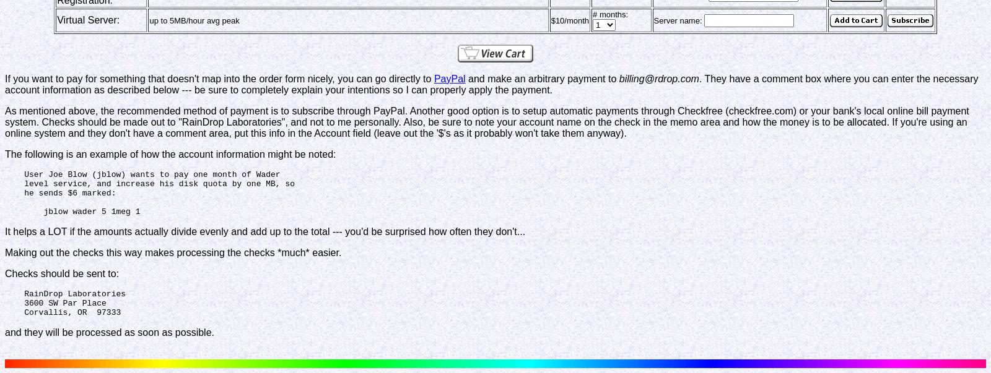  What do you see at coordinates (173, 252) in the screenshot?
I see `'Making out the checks this way makes processing the checks
*much* easier.'` at bounding box center [173, 252].